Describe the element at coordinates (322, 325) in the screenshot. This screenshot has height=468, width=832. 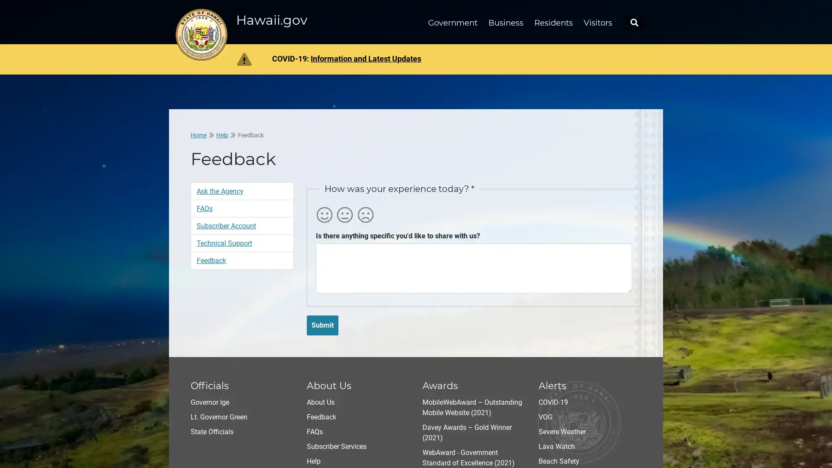
I see `Submit` at that location.